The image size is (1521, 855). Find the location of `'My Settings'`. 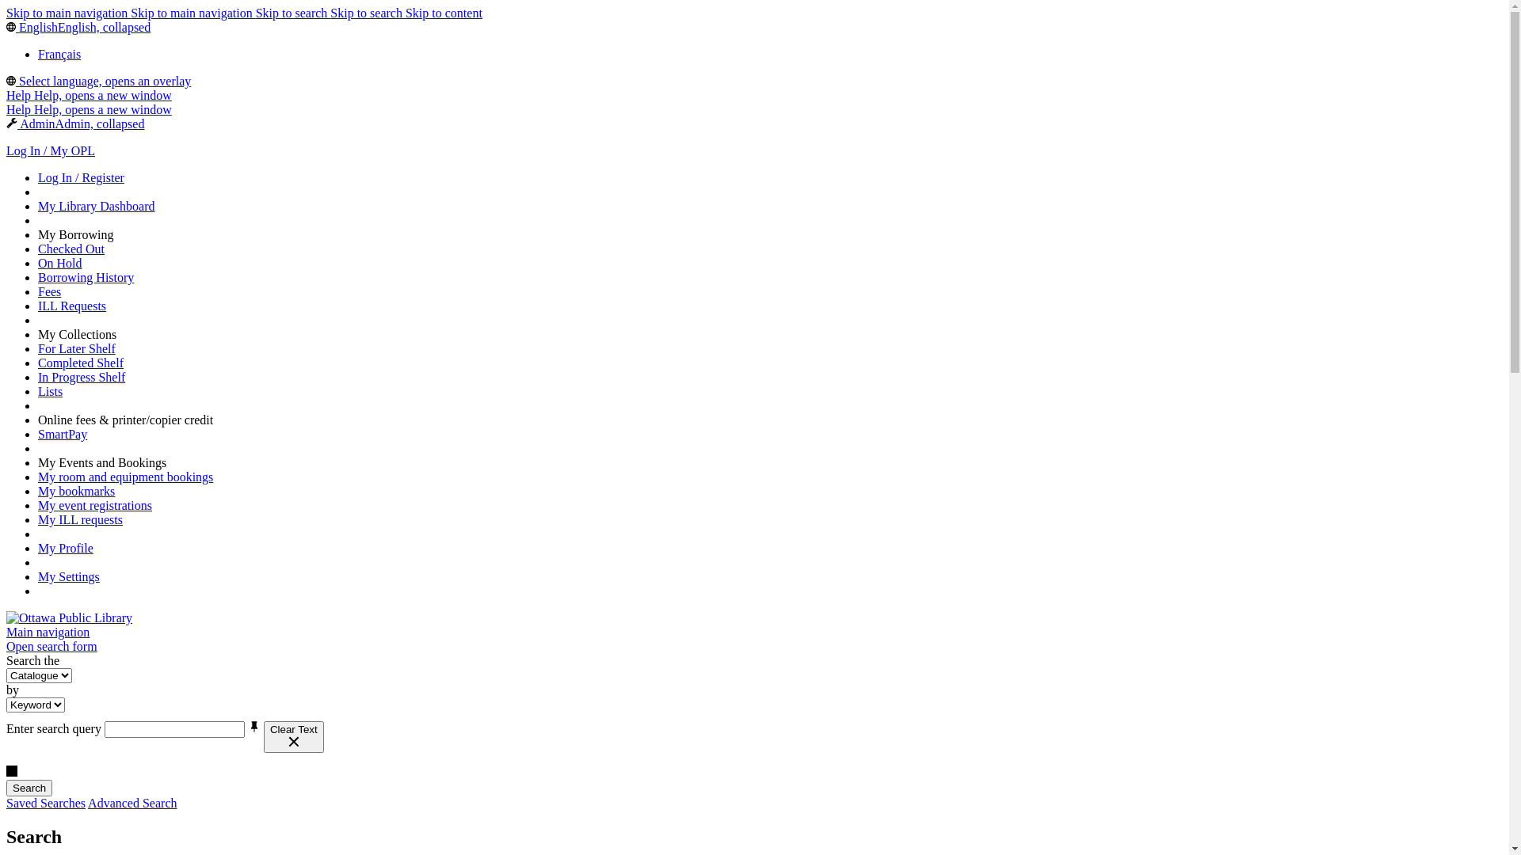

'My Settings' is located at coordinates (67, 576).